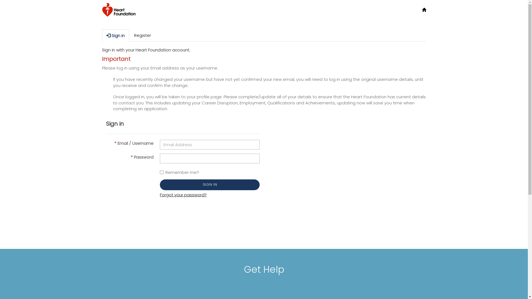 This screenshot has width=532, height=299. I want to click on 'Sign in', so click(115, 35).